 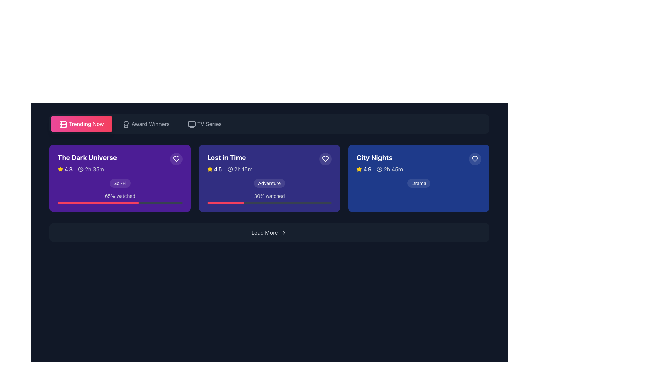 What do you see at coordinates (120, 202) in the screenshot?
I see `the progress bar indicating '65% watched' located in the card titled 'The Dark Universe', positioned at the bottom of the card` at bounding box center [120, 202].